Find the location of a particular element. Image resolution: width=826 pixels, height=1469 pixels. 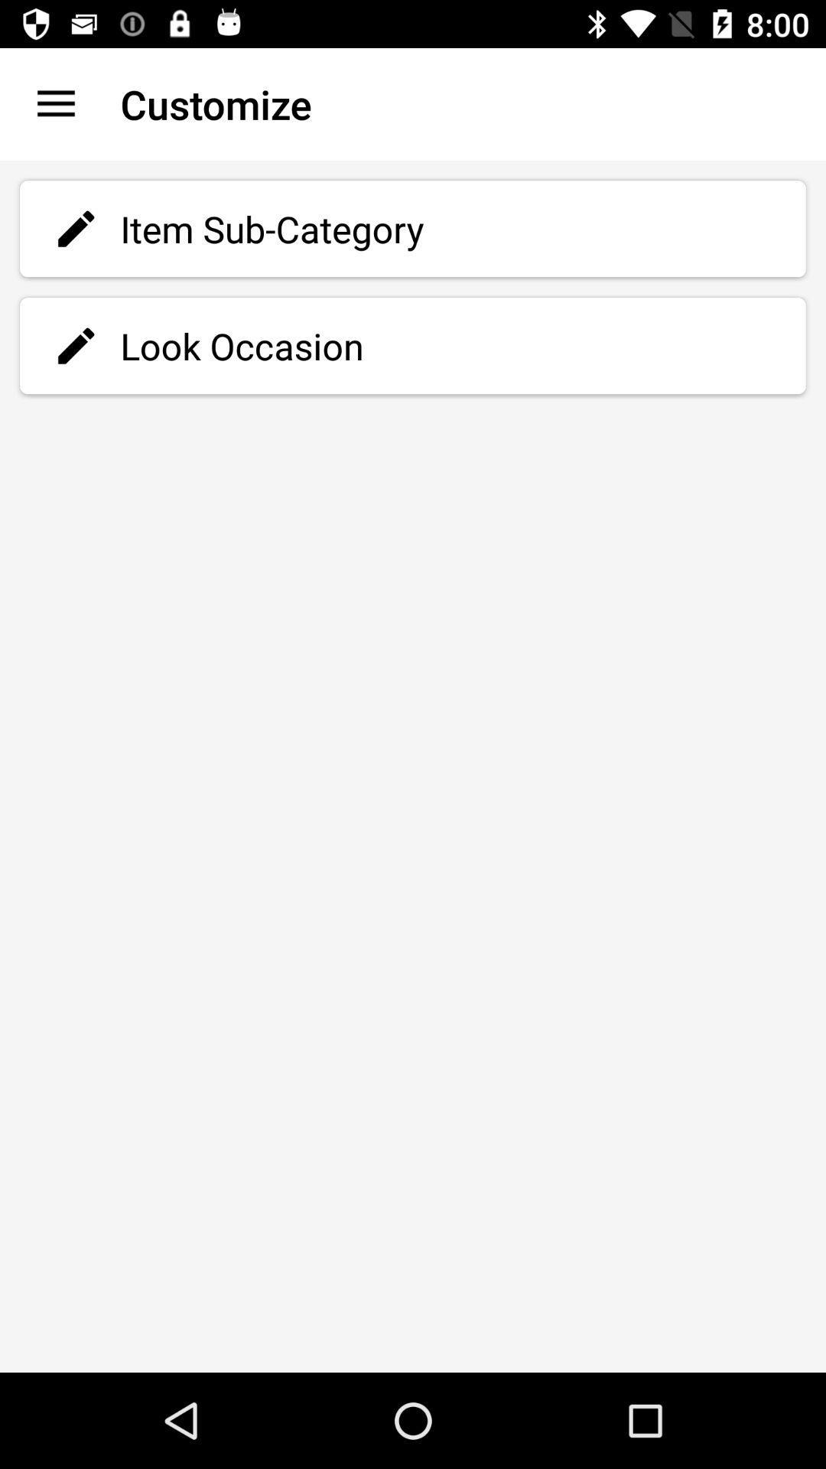

the item above the look occasion icon is located at coordinates (413, 228).